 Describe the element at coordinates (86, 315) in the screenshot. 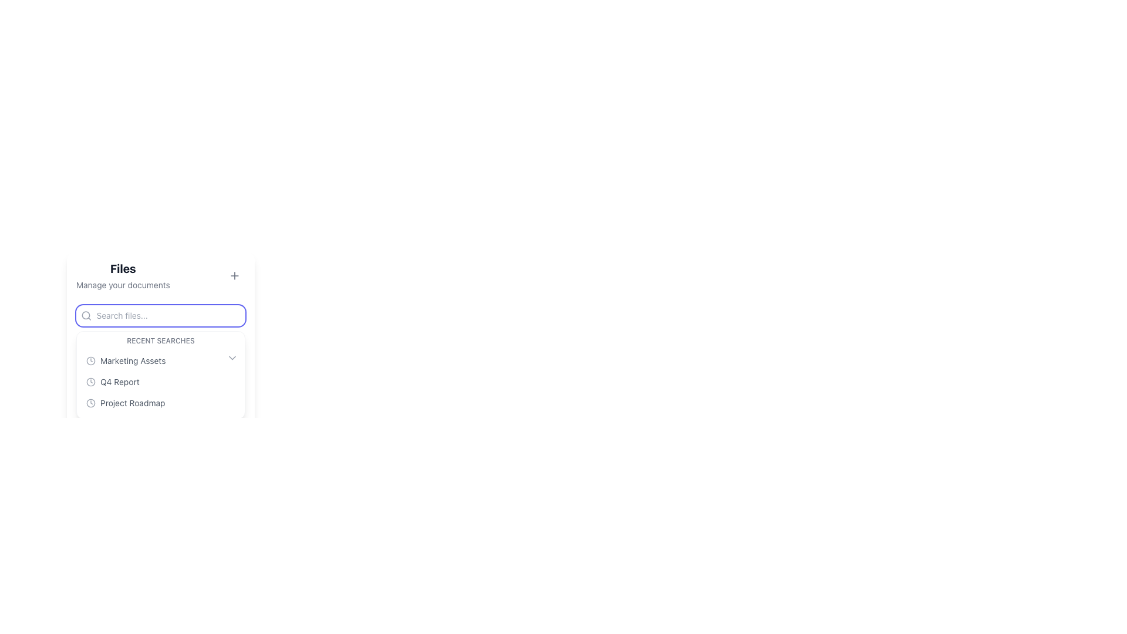

I see `the search icon located at the leftmost position of the search bar, adjacent to the 'Search files...' input field` at that location.